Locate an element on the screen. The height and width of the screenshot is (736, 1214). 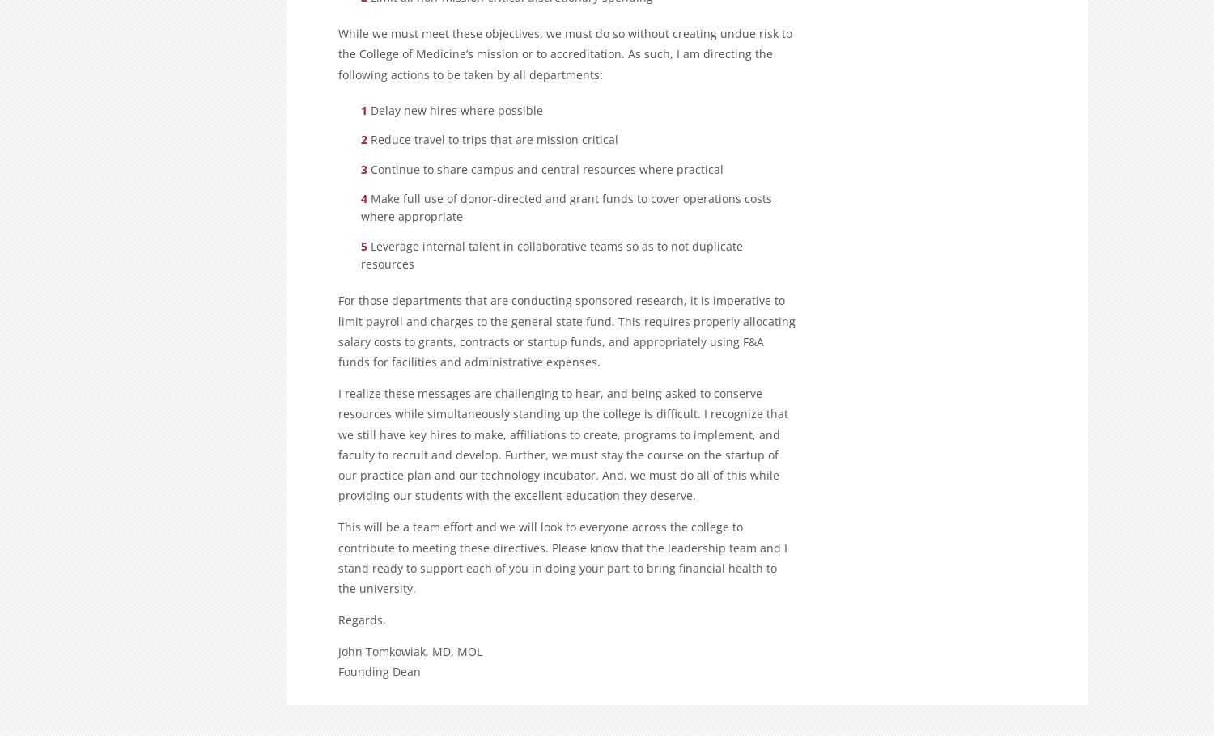
'For those departments that are conducting sponsored research, it is imperative to limit payroll and charges to the general state fund. This requires properly allocating salary costs to grants, contracts or startup funds, and appropriately using F&A funds for facilities and administrative expenses.' is located at coordinates (566, 330).